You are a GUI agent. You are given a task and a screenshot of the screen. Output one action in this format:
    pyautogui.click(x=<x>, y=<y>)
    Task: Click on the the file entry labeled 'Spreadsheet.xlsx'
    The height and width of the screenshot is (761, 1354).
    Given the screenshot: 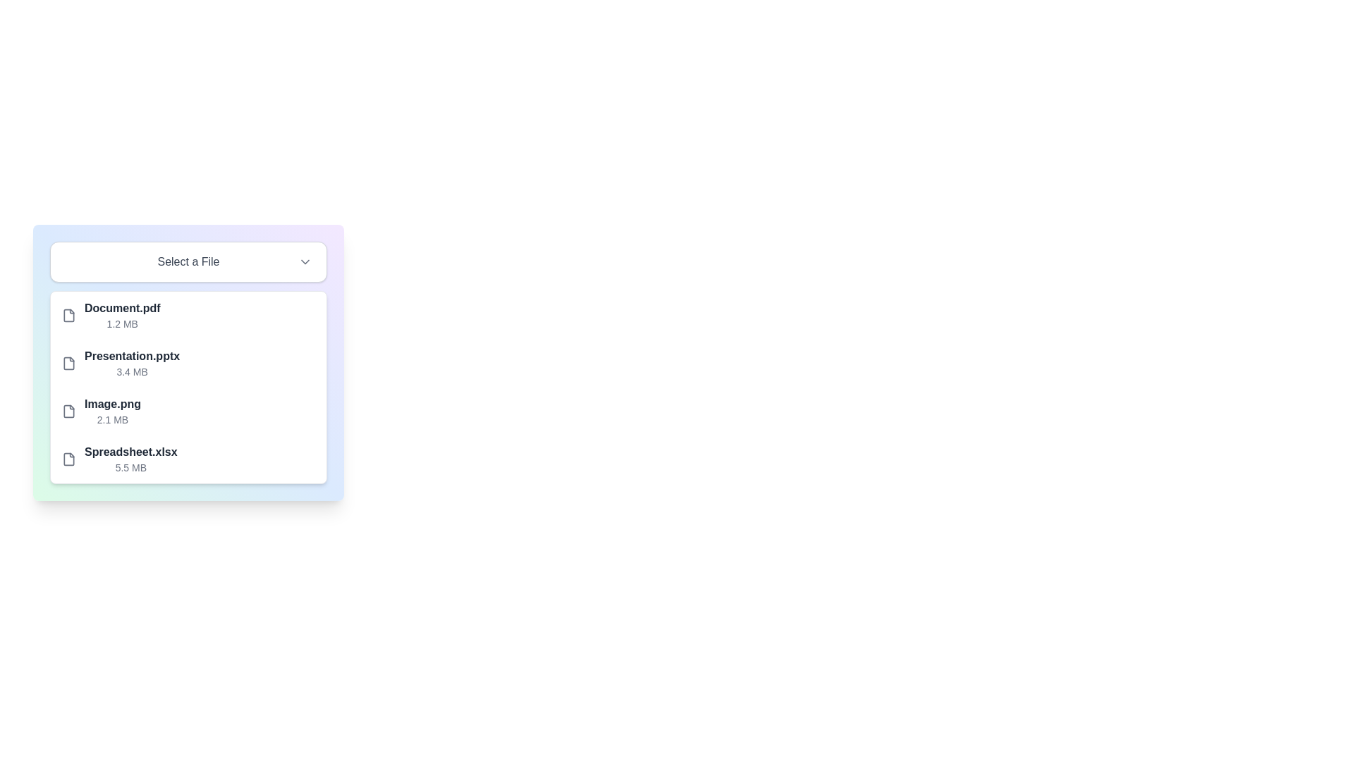 What is the action you would take?
    pyautogui.click(x=130, y=459)
    